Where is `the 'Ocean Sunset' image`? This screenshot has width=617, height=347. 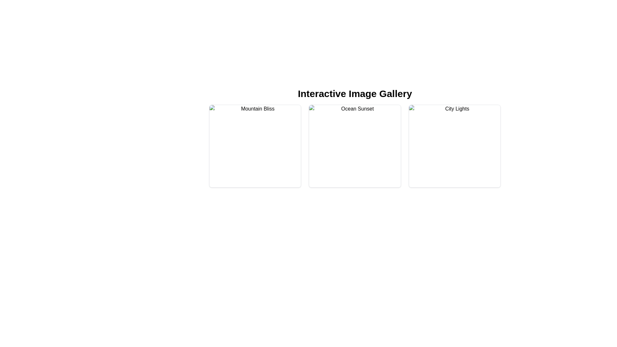
the 'Ocean Sunset' image is located at coordinates (354, 146).